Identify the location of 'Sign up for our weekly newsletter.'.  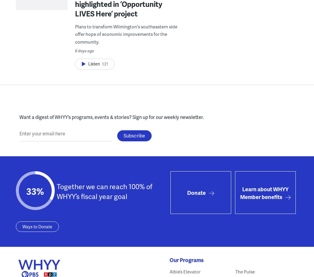
(168, 116).